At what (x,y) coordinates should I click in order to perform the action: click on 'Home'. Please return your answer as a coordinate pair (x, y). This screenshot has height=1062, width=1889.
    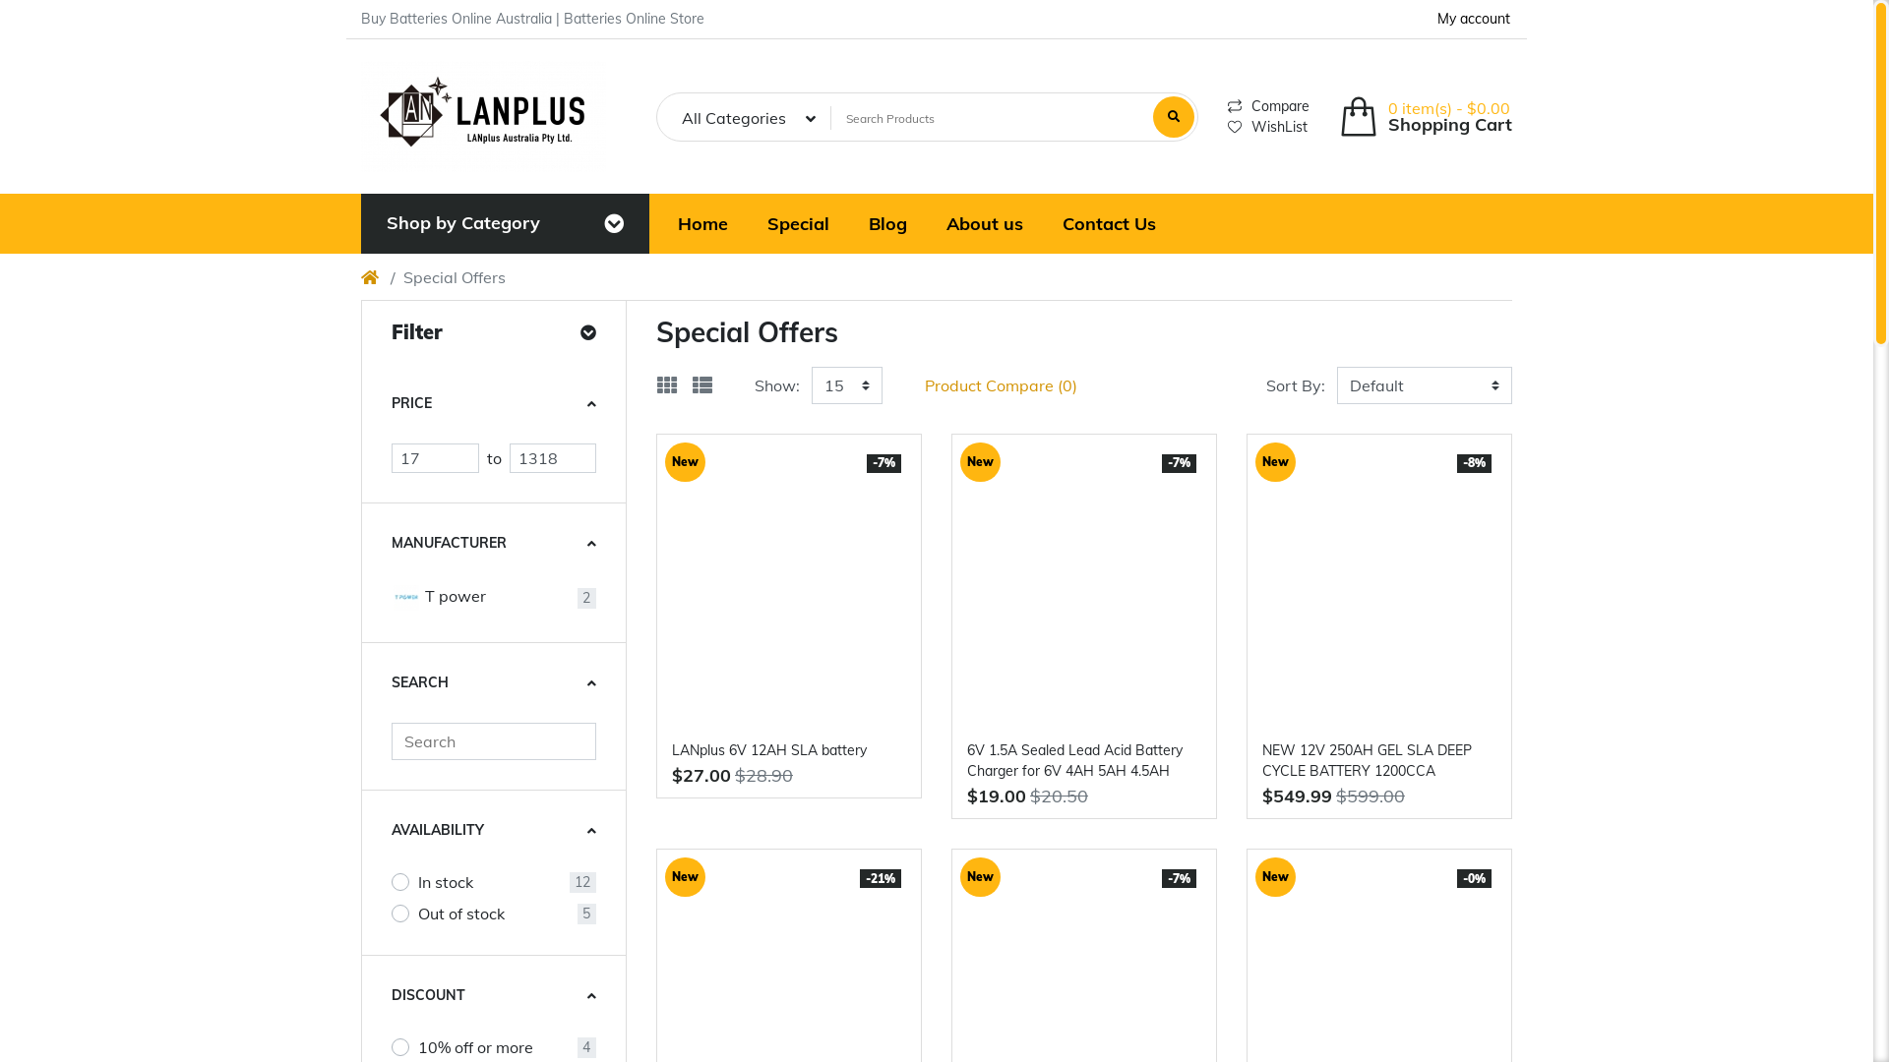
    Looking at the image, I should click on (703, 222).